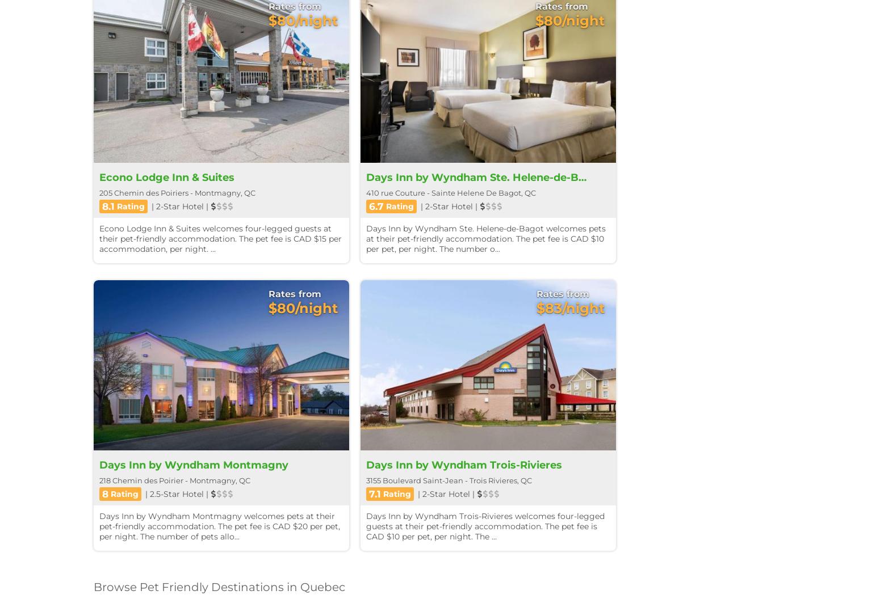  What do you see at coordinates (485, 525) in the screenshot?
I see `'Days Inn by Wyndham Trois-Rivieres welcomes four-legged guests at their pet-friendly accommodation. The pet fee is CAD $10 per pet, per night. The ...'` at bounding box center [485, 525].